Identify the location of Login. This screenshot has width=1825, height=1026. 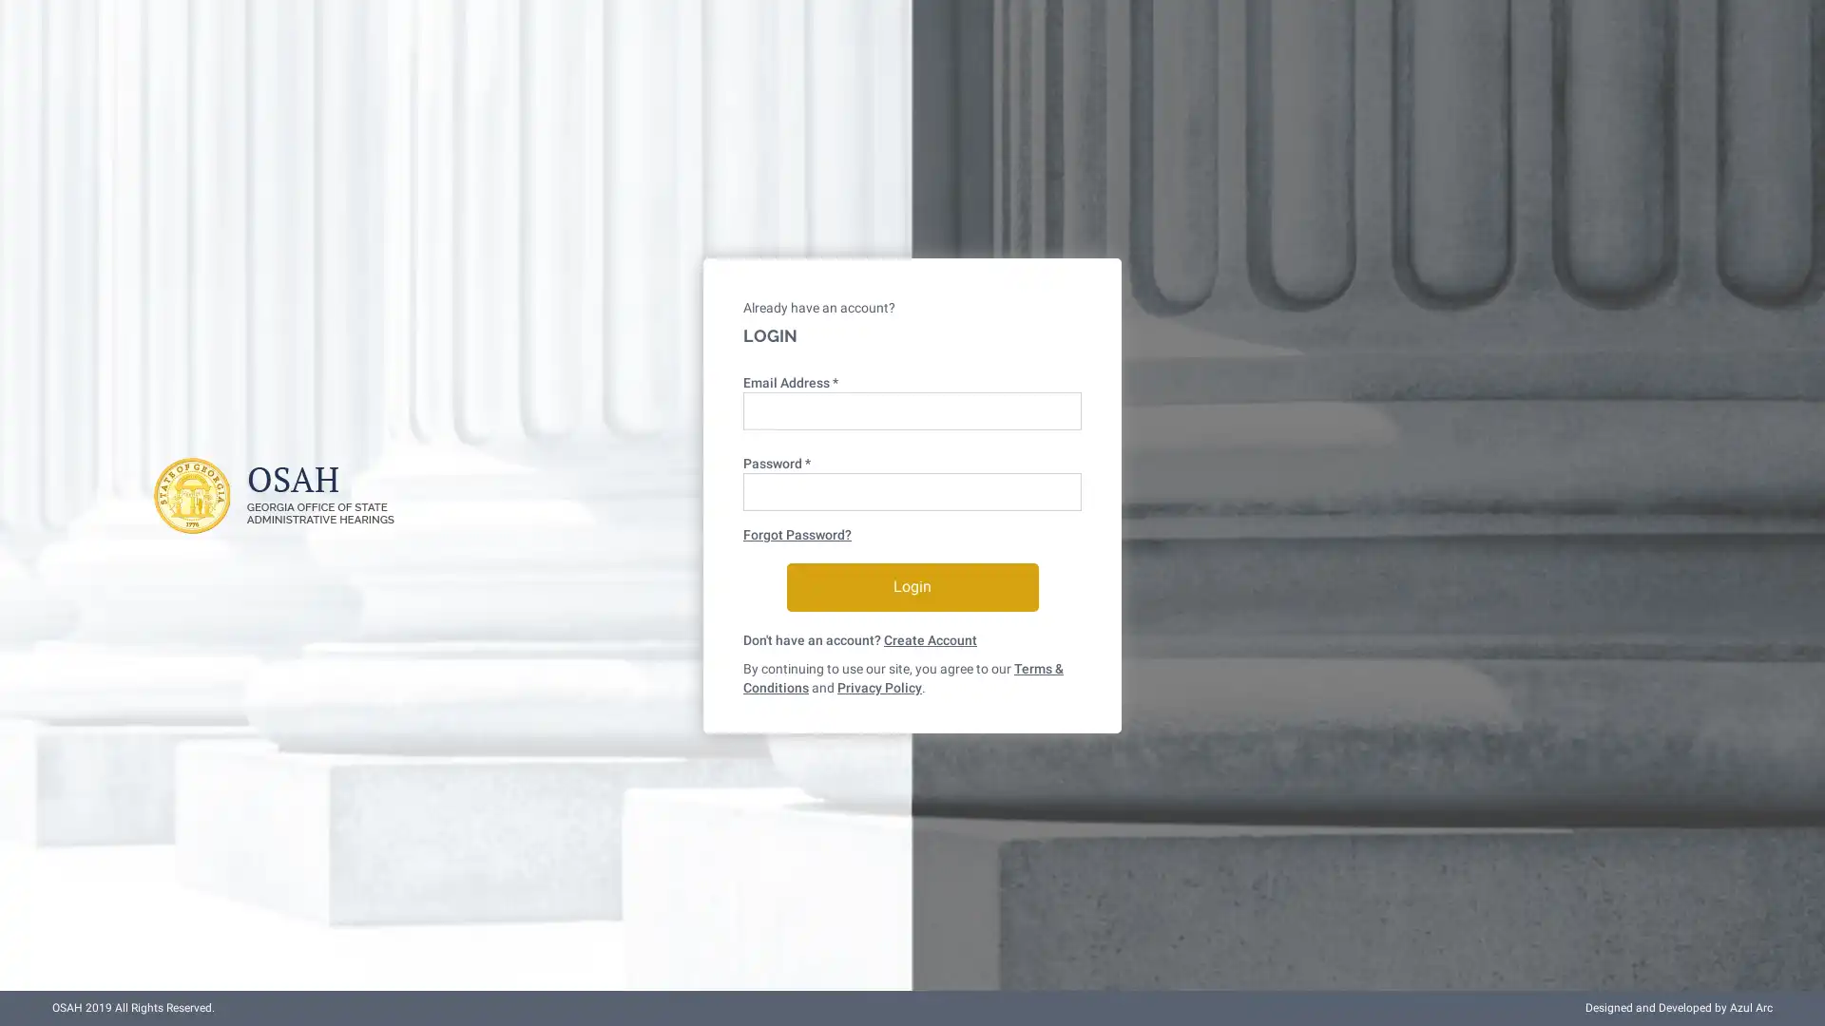
(911, 586).